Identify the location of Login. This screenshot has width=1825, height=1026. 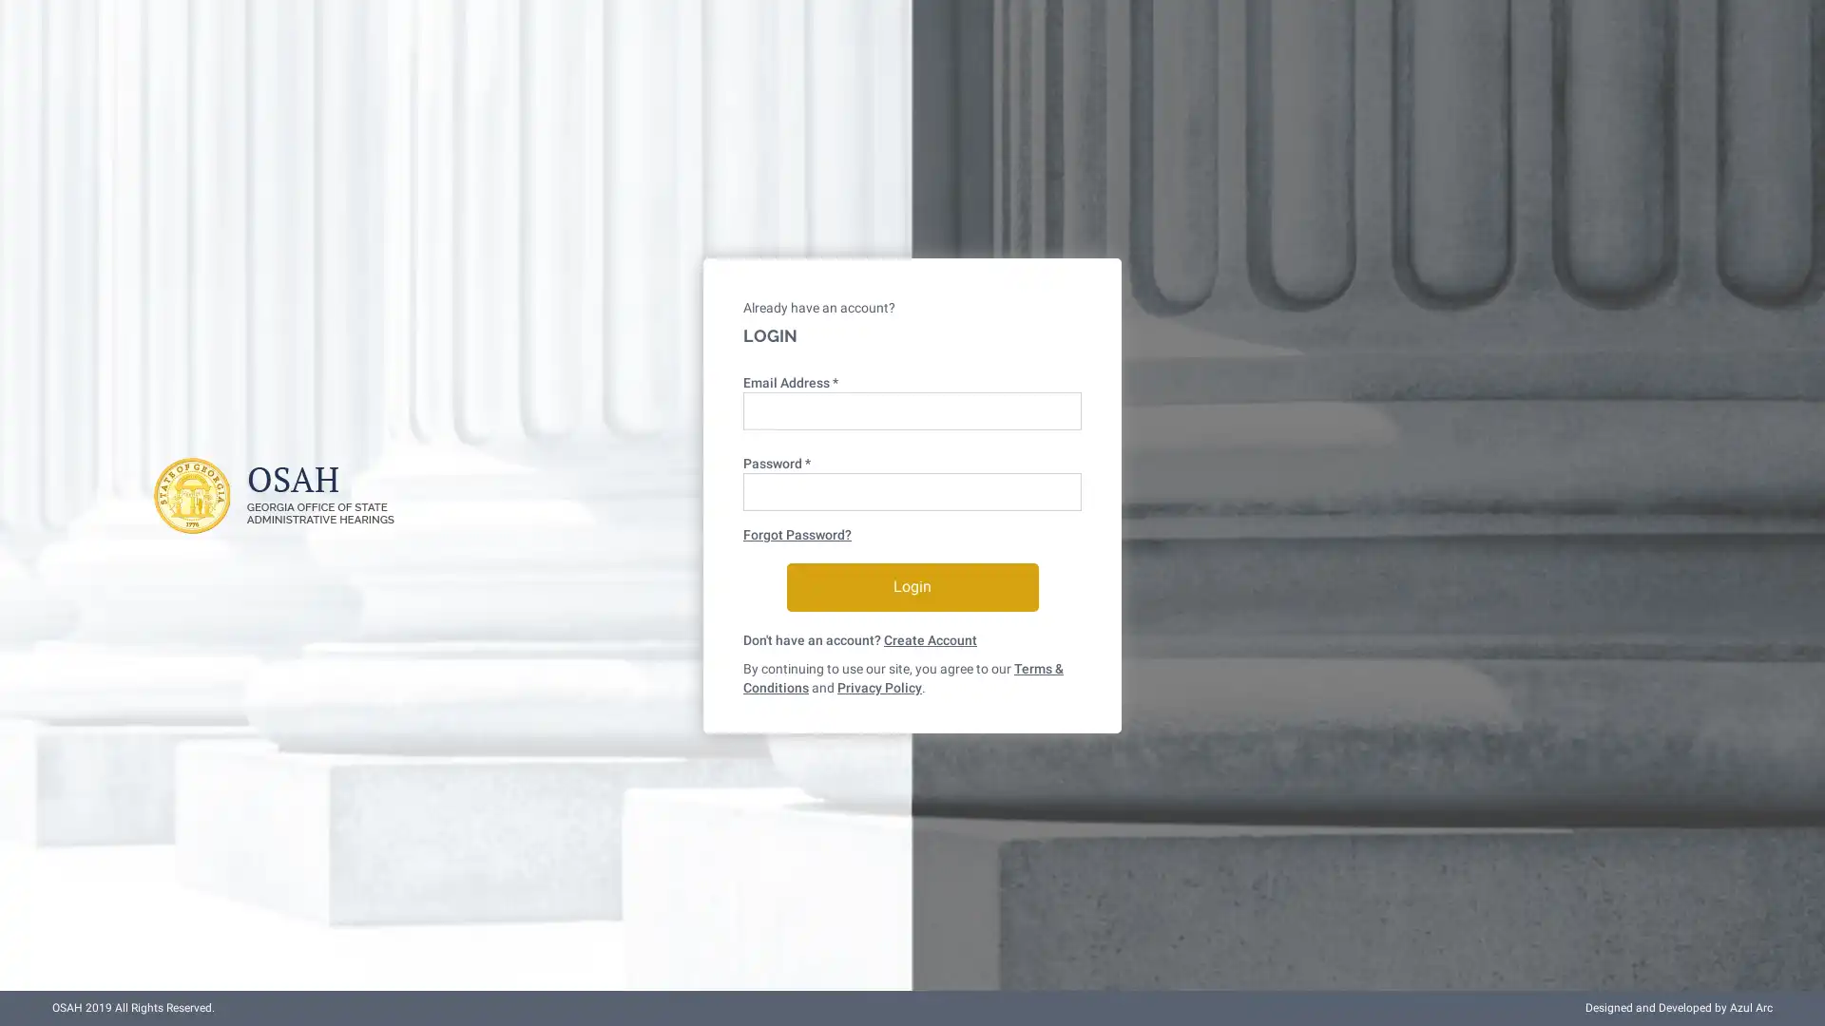
(911, 586).